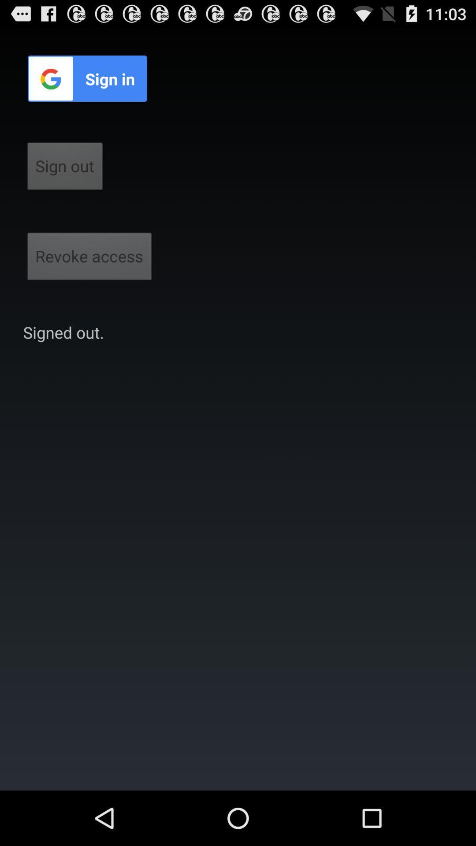 The width and height of the screenshot is (476, 846). Describe the element at coordinates (89, 259) in the screenshot. I see `the button below the sign out button` at that location.